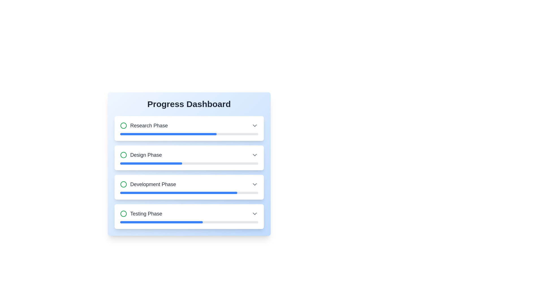  Describe the element at coordinates (189, 222) in the screenshot. I see `the progress level of the horizontal progress bar located in the 'Testing Phase' section of the 'Progress Dashboard', which is styled with a gray background and a blue filled portion indicating approximately 60% completion` at that location.